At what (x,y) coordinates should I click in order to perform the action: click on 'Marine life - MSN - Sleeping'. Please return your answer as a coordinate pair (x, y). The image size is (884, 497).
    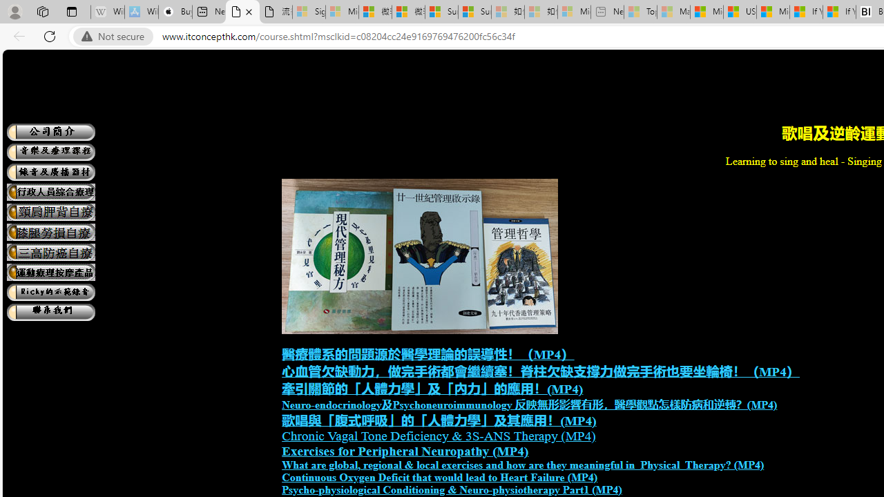
    Looking at the image, I should click on (674, 12).